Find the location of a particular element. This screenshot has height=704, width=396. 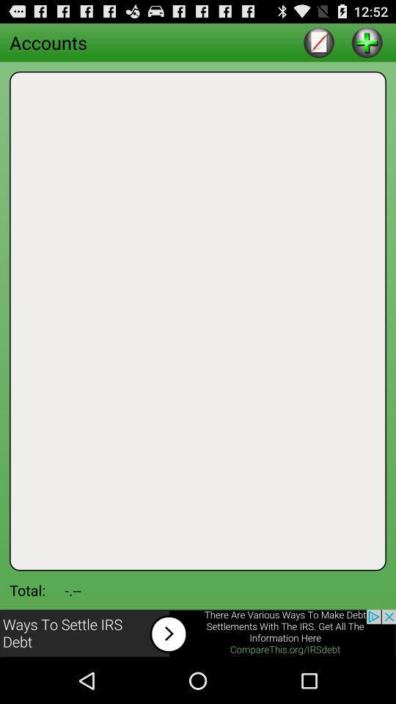

no idea is located at coordinates (366, 41).